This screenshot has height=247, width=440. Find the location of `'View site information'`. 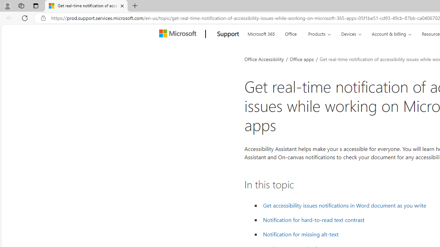

'View site information' is located at coordinates (43, 18).